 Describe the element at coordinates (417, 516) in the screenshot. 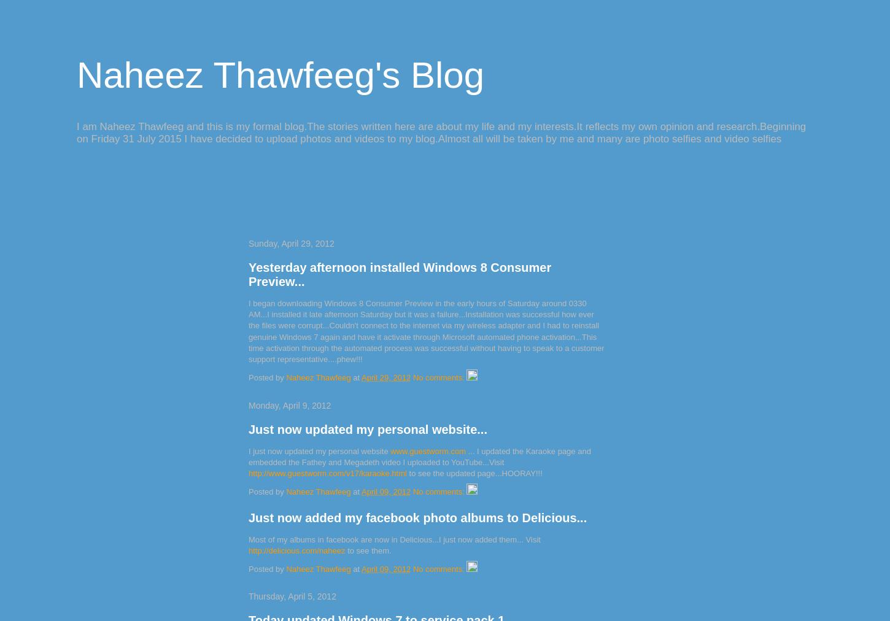

I see `'Just now added my facebook photo albums to Delicious...'` at that location.